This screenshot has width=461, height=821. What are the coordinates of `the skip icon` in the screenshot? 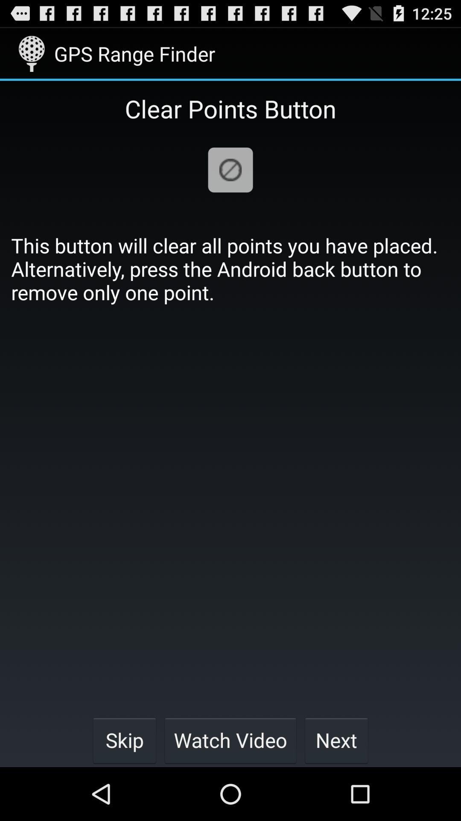 It's located at (124, 740).